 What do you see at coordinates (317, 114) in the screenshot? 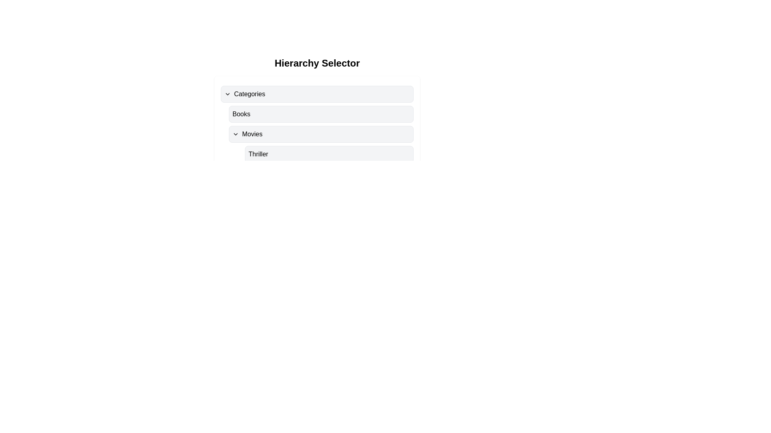
I see `the 'Books' list item, which is the second item in the 'Categories' section` at bounding box center [317, 114].